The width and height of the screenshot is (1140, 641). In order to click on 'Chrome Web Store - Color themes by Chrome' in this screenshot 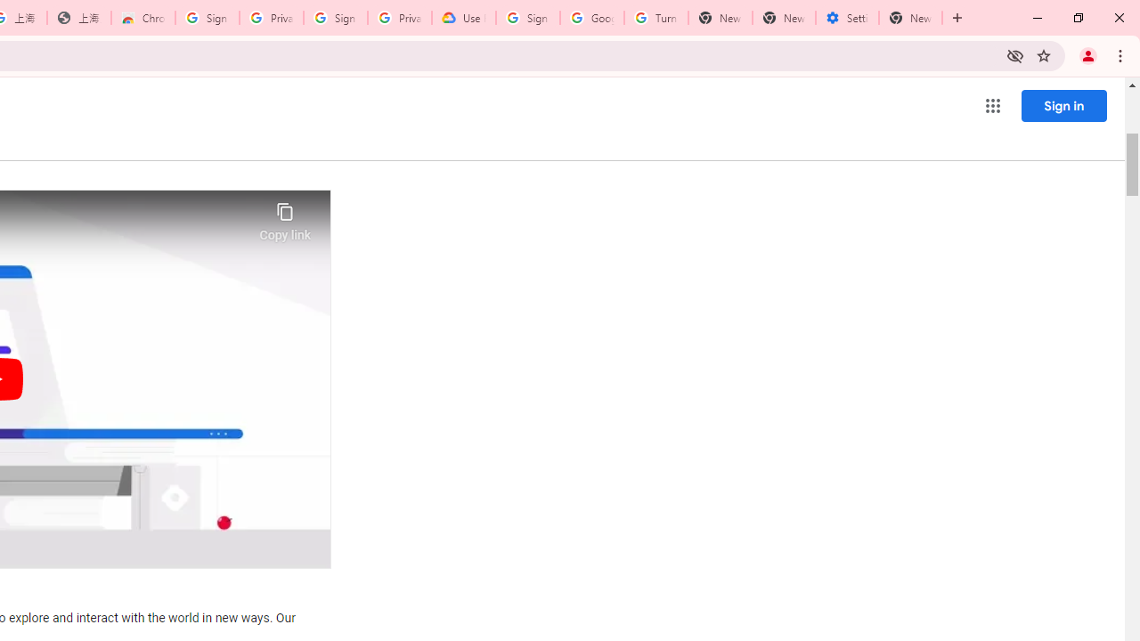, I will do `click(143, 18)`.